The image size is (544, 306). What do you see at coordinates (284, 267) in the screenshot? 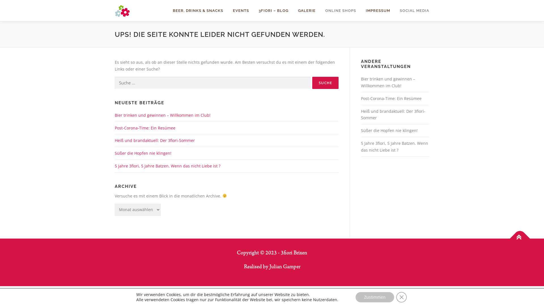
I see `'Julian Gamper'` at bounding box center [284, 267].